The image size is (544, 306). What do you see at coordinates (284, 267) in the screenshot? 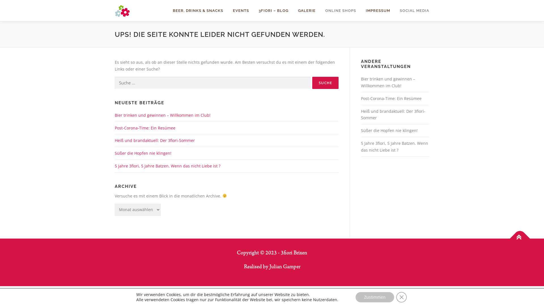
I see `'Julian Gamper'` at bounding box center [284, 267].